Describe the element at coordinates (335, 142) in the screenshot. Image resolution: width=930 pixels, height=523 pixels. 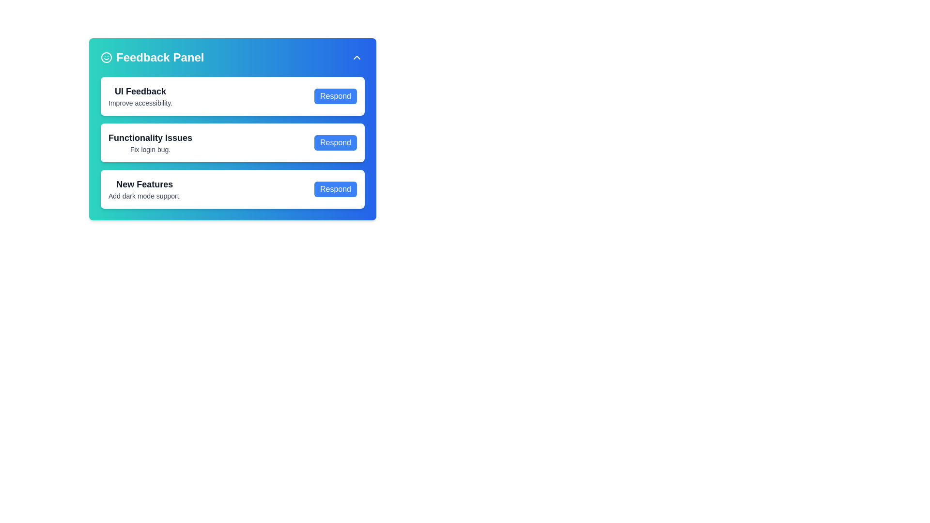
I see `the button located at the rightmost position in the second row of the feedback section, which allows users to respond to the feedback titled 'Functionality Issues'` at that location.